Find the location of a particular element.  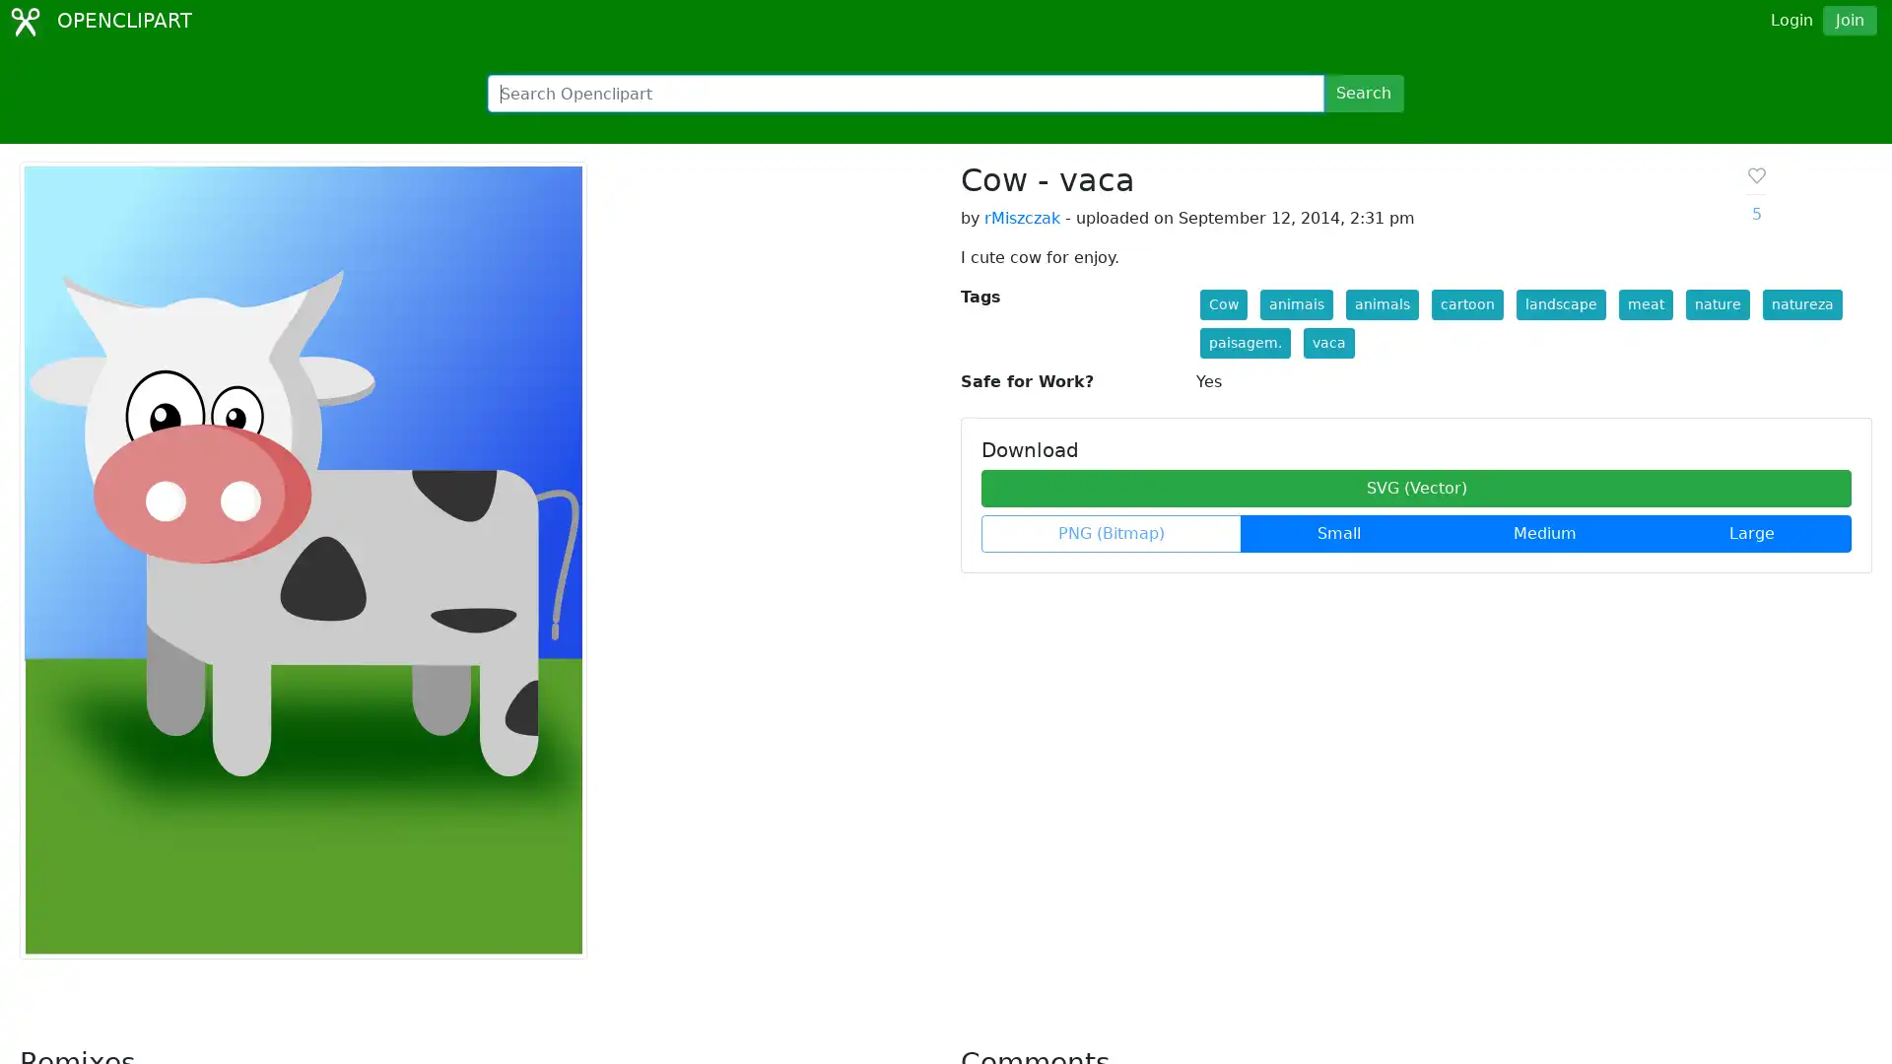

animals is located at coordinates (1380, 304).